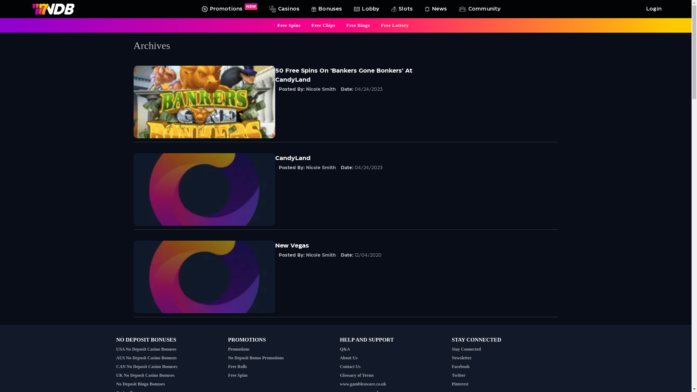 The height and width of the screenshot is (392, 697). I want to click on 'Q&A', so click(345, 348).